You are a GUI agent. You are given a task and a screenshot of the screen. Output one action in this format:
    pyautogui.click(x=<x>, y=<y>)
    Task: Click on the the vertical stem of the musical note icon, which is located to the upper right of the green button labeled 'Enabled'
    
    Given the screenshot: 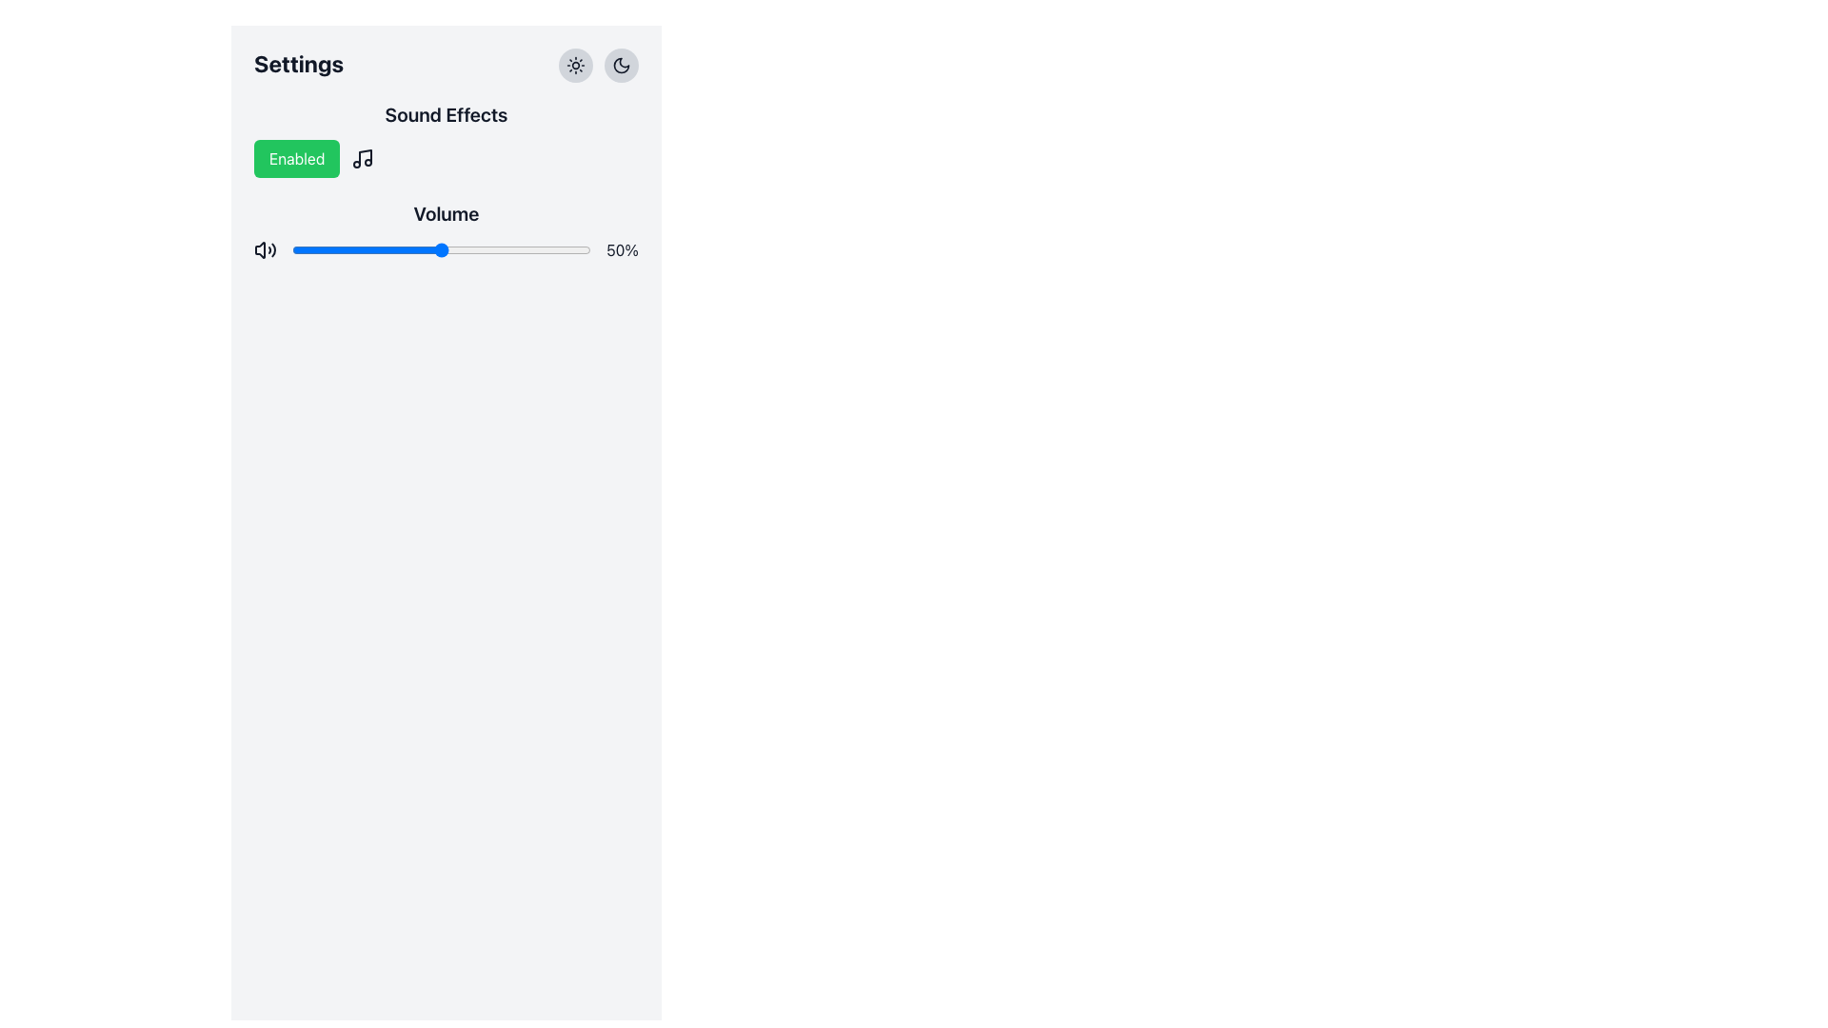 What is the action you would take?
    pyautogui.click(x=366, y=156)
    